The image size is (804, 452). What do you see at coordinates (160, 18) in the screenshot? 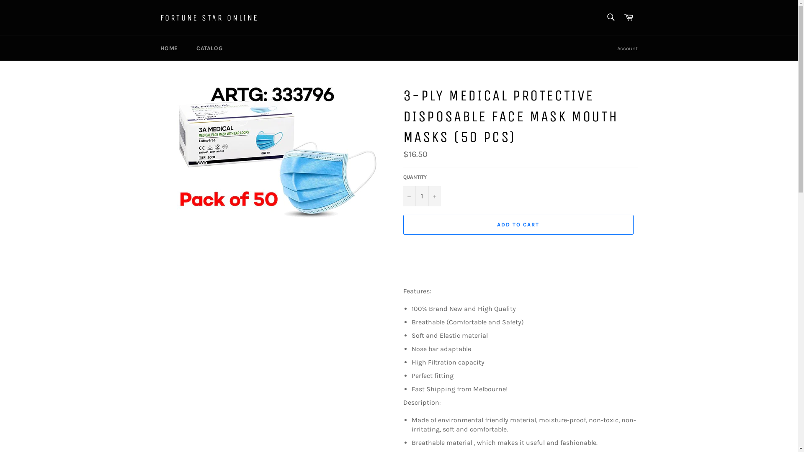
I see `'FORTUNE STAR ONLINE'` at bounding box center [160, 18].